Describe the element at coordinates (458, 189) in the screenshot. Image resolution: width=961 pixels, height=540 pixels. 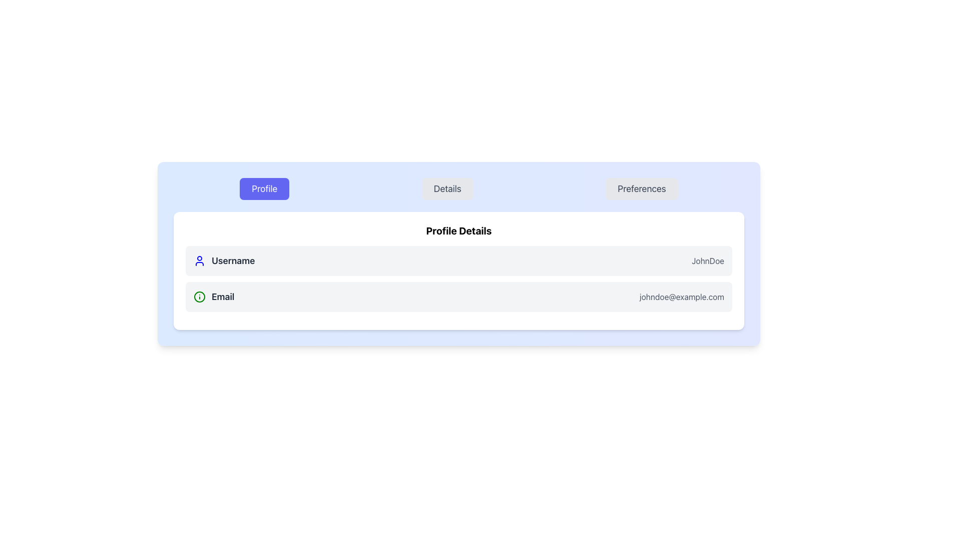
I see `the second tab in the navigation bar` at that location.